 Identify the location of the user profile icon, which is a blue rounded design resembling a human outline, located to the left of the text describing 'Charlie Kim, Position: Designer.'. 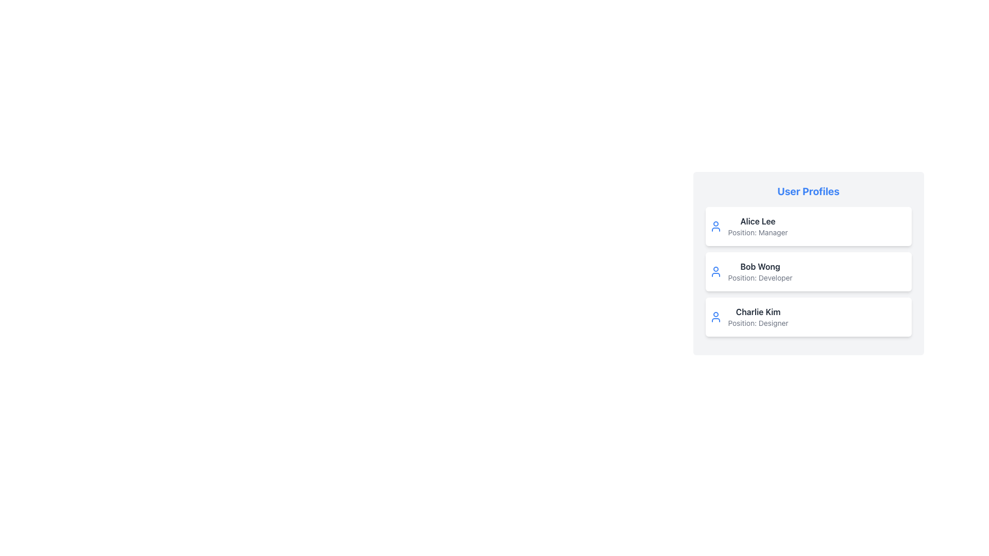
(715, 317).